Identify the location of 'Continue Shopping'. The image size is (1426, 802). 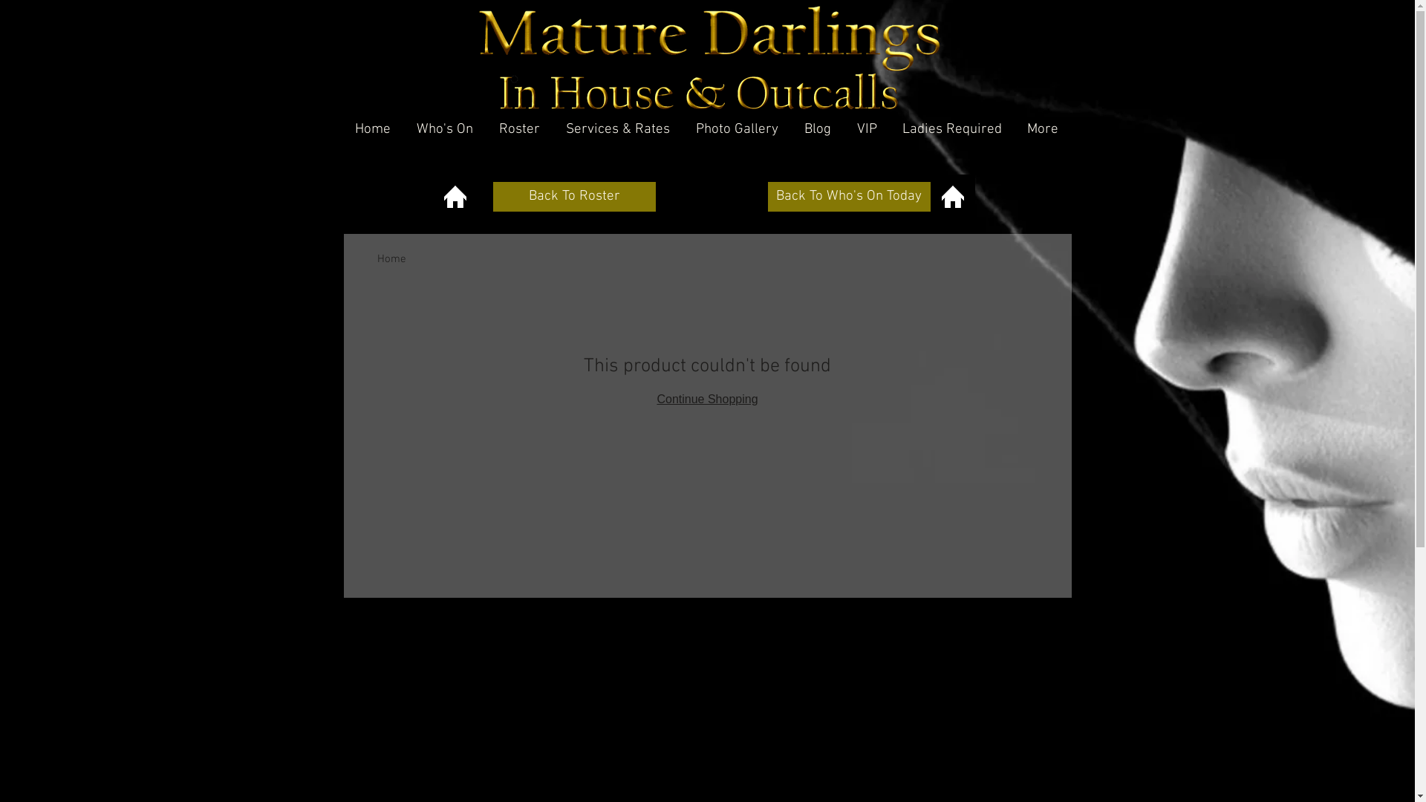
(706, 398).